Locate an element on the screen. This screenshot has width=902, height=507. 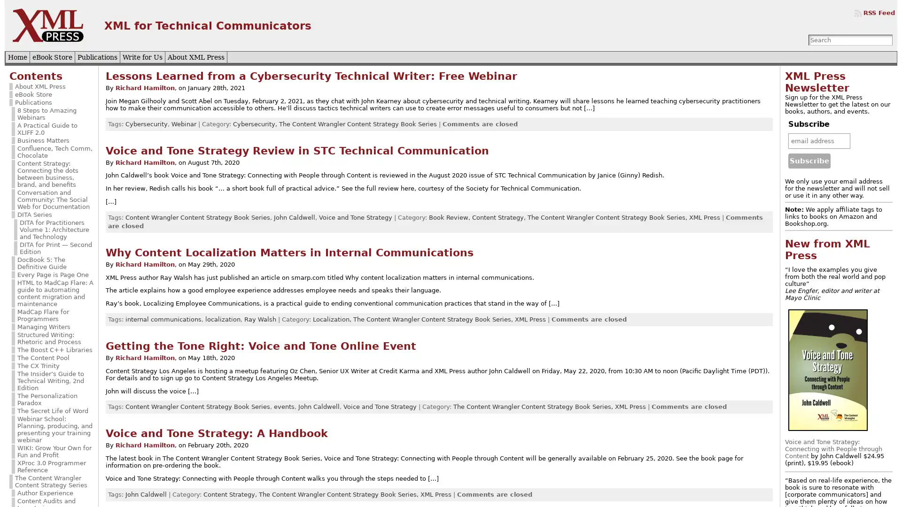
Subscribe is located at coordinates (809, 161).